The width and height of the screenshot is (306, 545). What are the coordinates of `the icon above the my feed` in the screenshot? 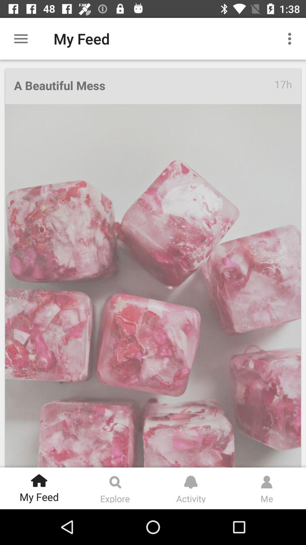 It's located at (39, 478).